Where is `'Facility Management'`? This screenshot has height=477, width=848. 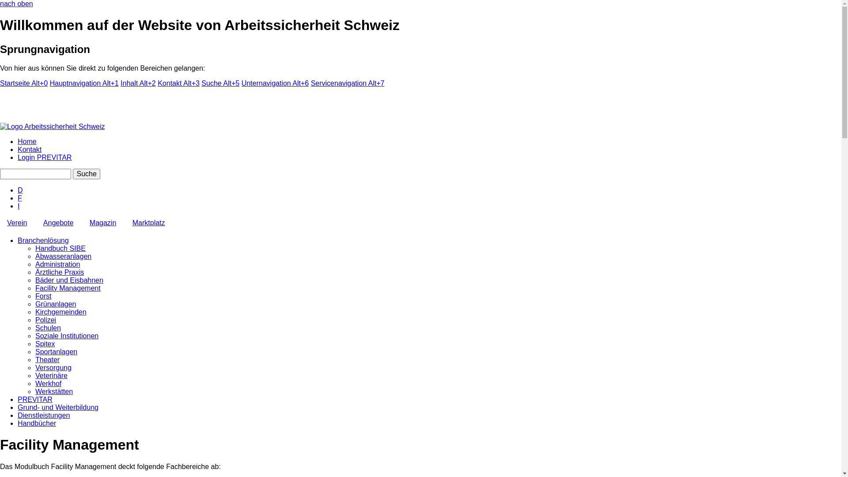 'Facility Management' is located at coordinates (67, 288).